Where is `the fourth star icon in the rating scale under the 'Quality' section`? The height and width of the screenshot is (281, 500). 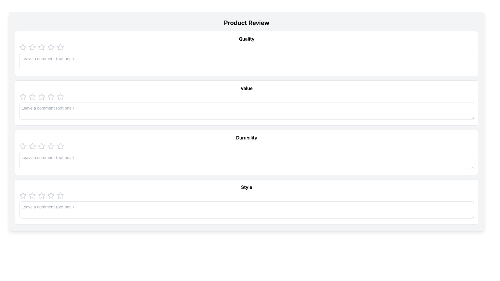 the fourth star icon in the rating scale under the 'Quality' section is located at coordinates (41, 47).